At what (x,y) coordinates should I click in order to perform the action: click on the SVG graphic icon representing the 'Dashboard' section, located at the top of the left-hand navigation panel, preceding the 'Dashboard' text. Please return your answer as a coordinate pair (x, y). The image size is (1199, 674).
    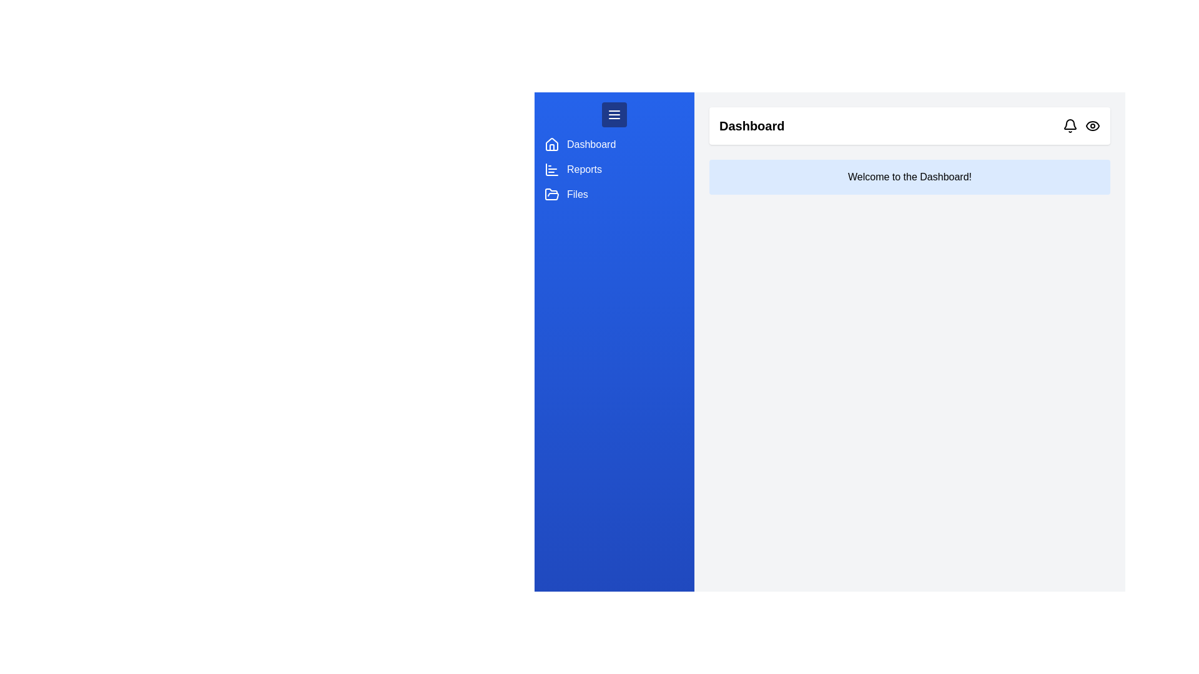
    Looking at the image, I should click on (551, 144).